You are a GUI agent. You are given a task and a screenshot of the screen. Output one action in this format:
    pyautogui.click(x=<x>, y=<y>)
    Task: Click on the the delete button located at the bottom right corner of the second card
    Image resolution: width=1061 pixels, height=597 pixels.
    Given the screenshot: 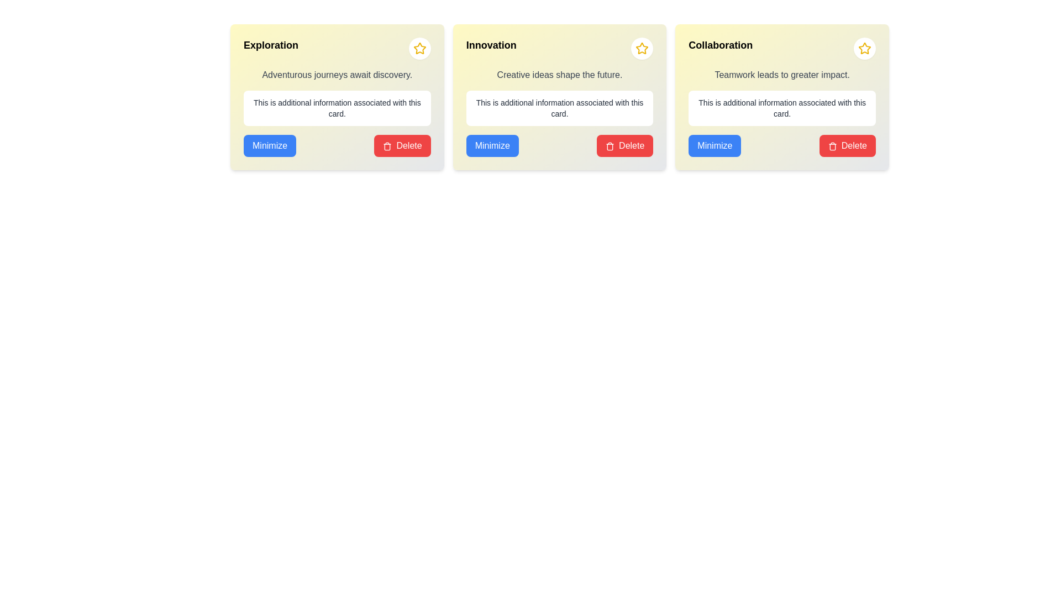 What is the action you would take?
    pyautogui.click(x=625, y=145)
    